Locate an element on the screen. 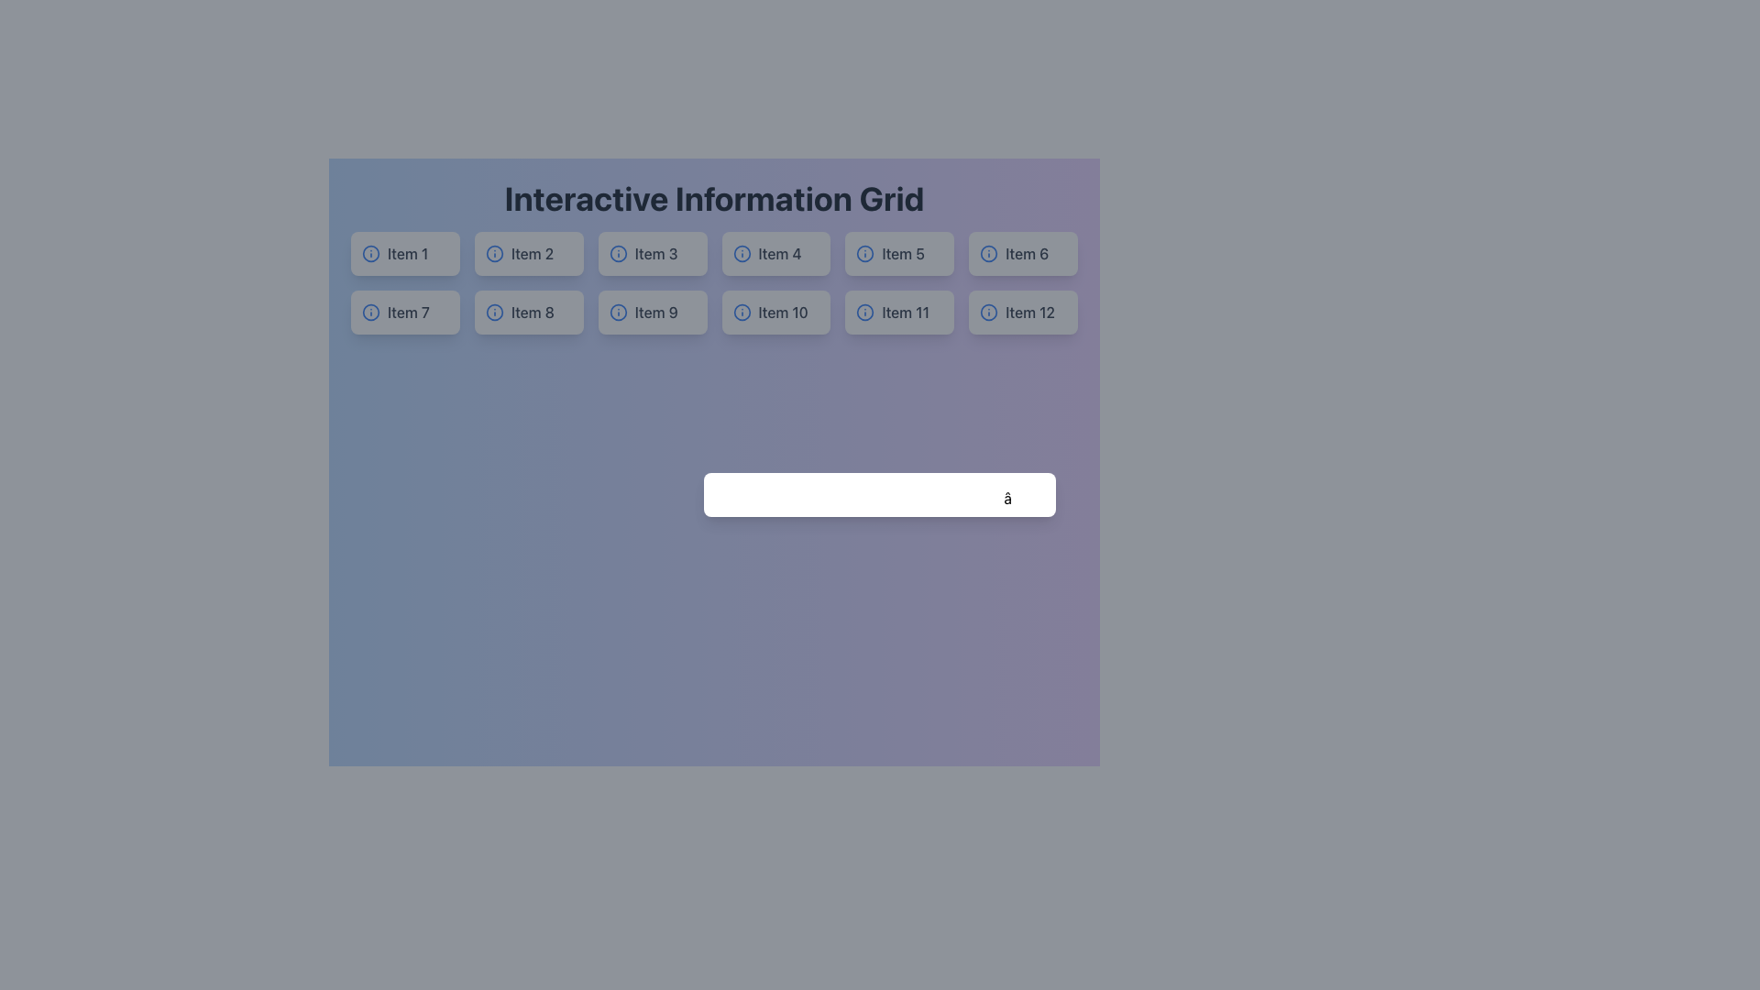 This screenshot has height=990, width=1760. the interactive card representing 'Item 5', which is located in the fifth column of the grid layout is located at coordinates (899, 254).